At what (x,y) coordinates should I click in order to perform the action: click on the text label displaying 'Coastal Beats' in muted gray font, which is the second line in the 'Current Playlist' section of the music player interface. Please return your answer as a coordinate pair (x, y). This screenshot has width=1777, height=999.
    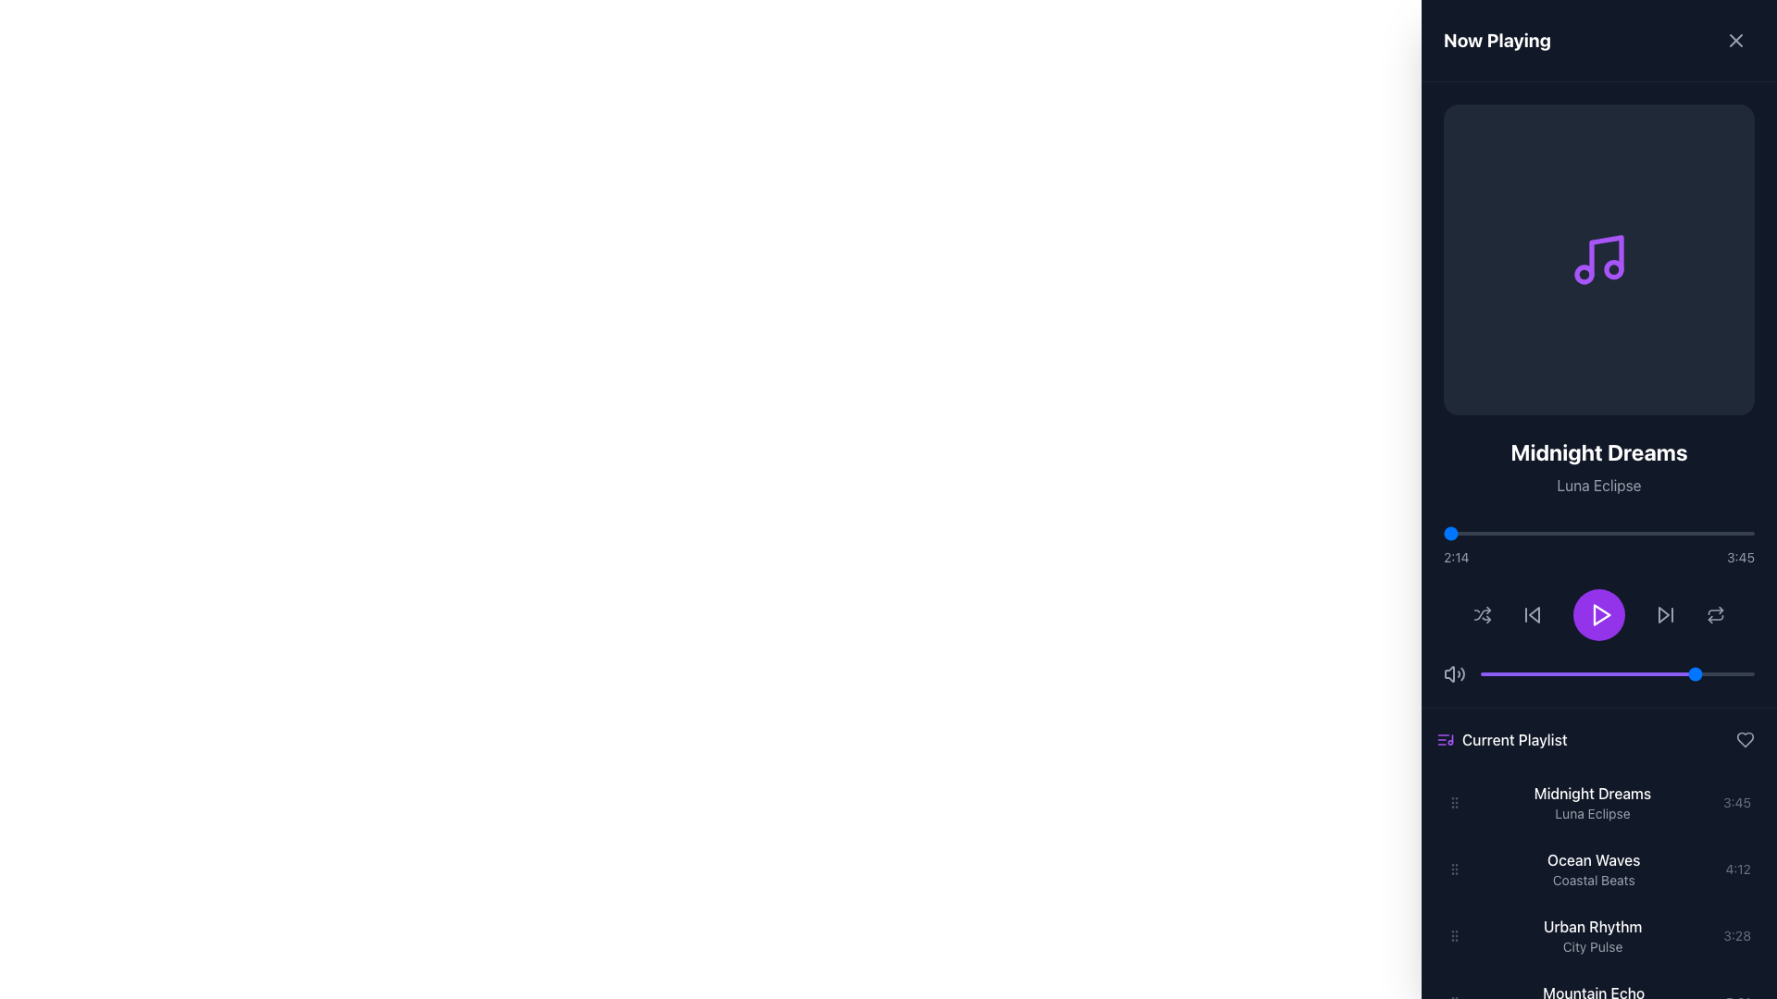
    Looking at the image, I should click on (1593, 880).